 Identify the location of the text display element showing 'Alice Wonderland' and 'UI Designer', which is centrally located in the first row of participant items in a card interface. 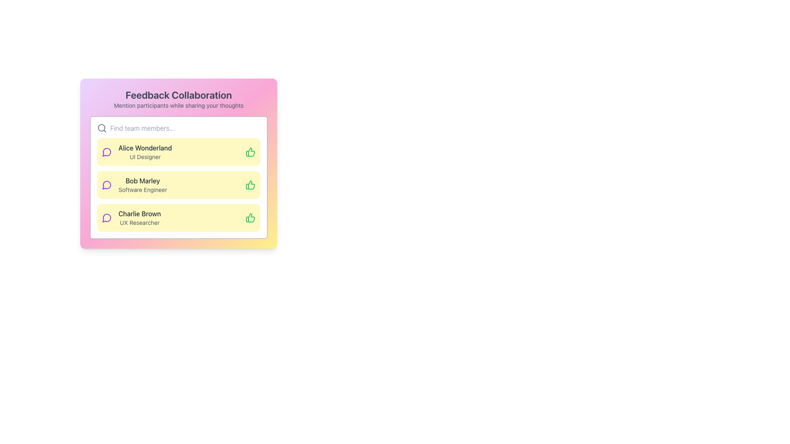
(145, 152).